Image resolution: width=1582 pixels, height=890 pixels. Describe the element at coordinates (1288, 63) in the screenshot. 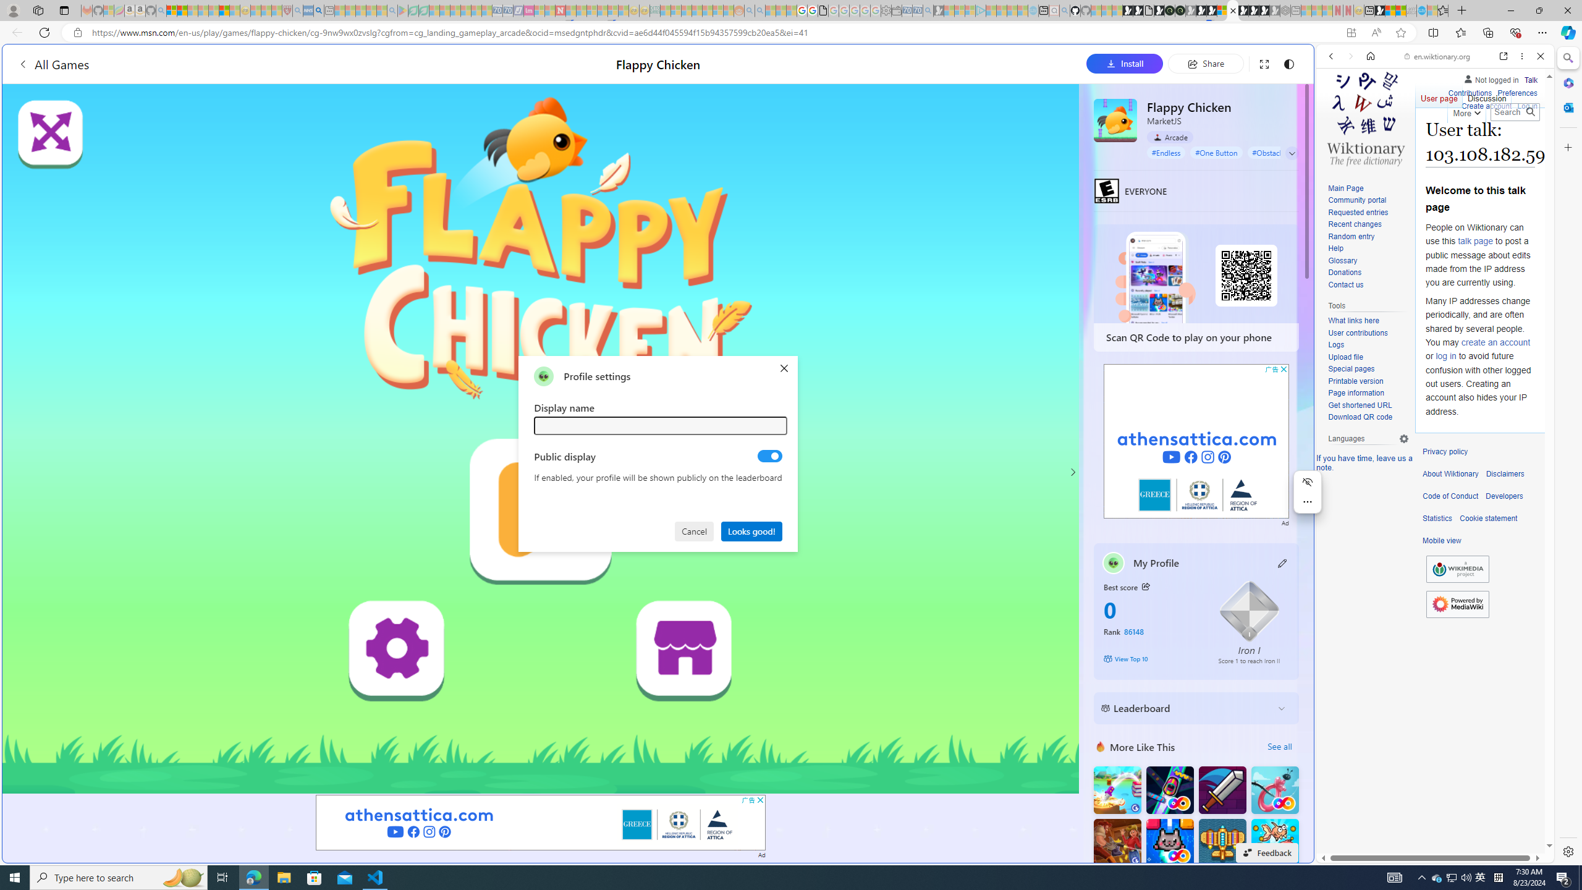

I see `'Change to dark mode'` at that location.